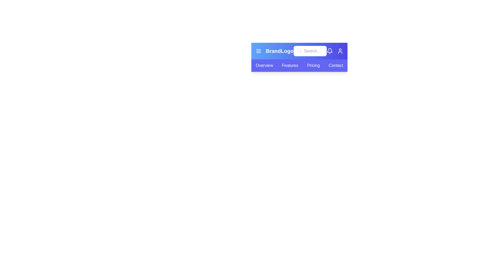  What do you see at coordinates (290, 65) in the screenshot?
I see `the tab labeled Features from the navigation bar` at bounding box center [290, 65].